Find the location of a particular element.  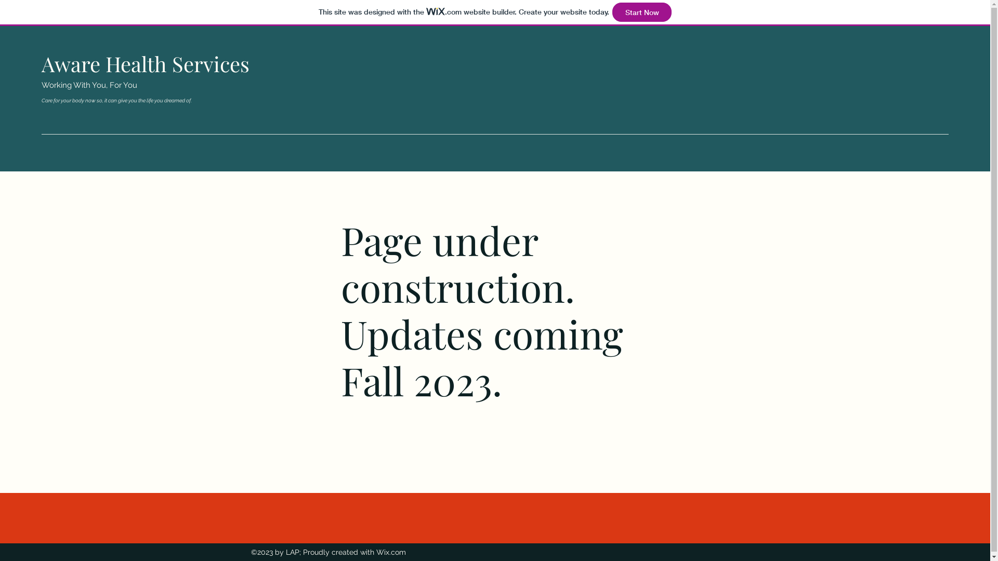

'Aware Health Services' is located at coordinates (145, 63).